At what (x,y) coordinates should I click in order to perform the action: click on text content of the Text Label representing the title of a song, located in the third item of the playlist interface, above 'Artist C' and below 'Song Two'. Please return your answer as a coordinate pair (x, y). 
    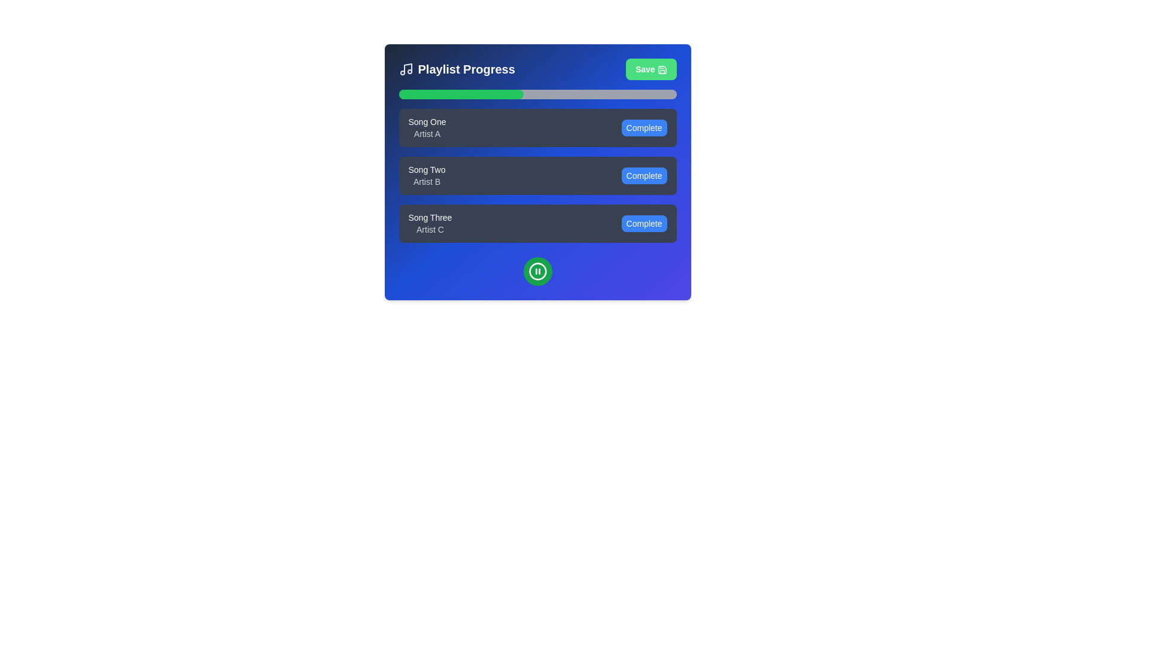
    Looking at the image, I should click on (430, 217).